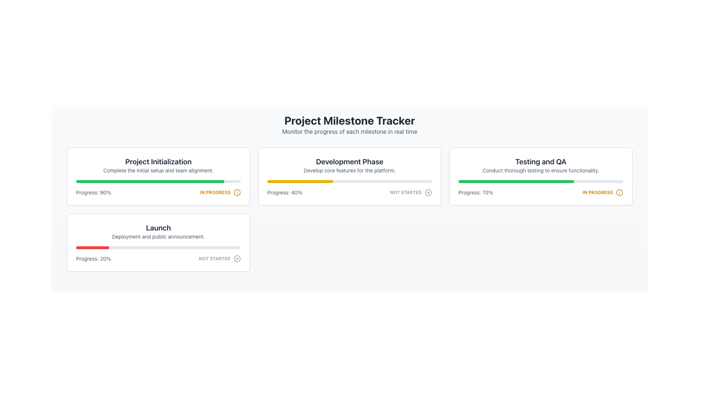 The width and height of the screenshot is (706, 397). Describe the element at coordinates (349, 161) in the screenshot. I see `text of the 'Development Phase' title in the progress tracker interface, which is positioned at the top center of the middle milestone card` at that location.